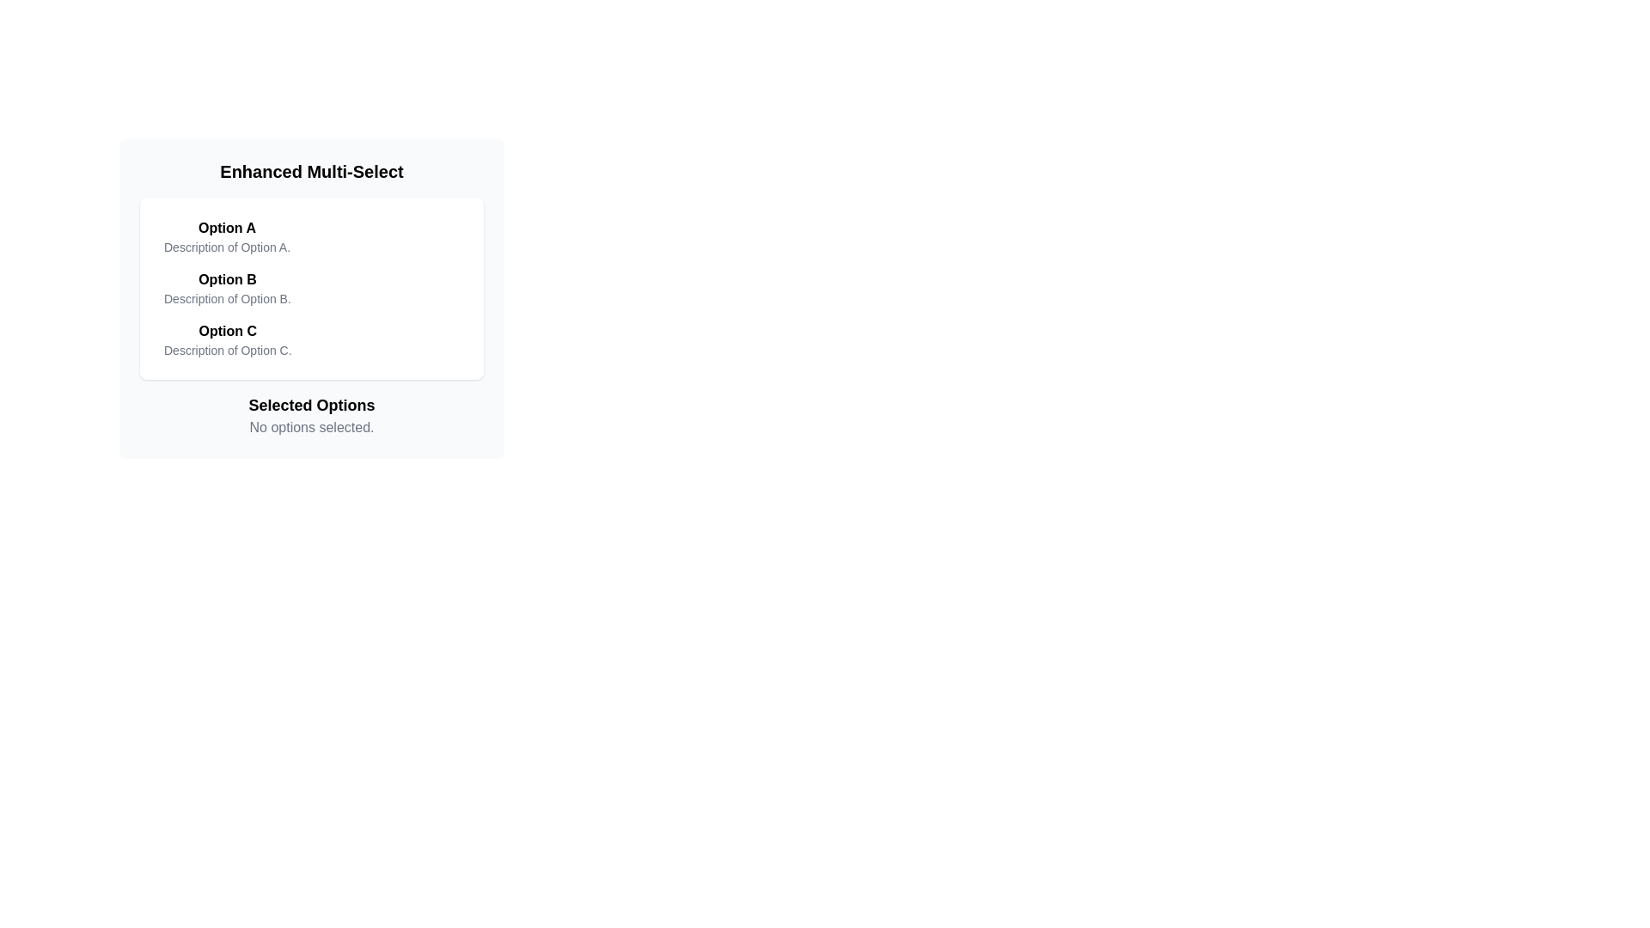  Describe the element at coordinates (226, 237) in the screenshot. I see `the first list item labeled 'Option A'` at that location.